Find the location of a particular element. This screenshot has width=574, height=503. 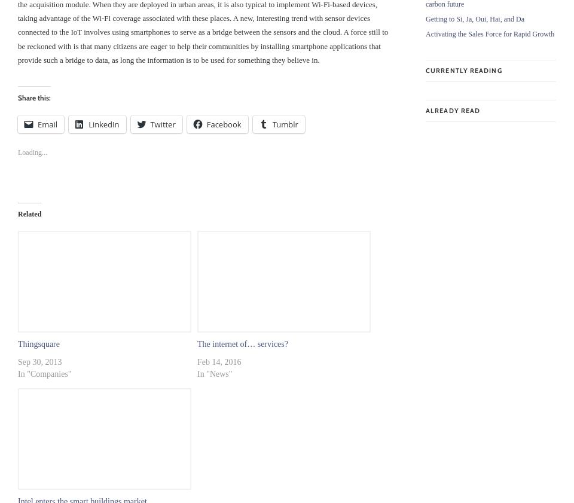

'Share this:' is located at coordinates (33, 97).